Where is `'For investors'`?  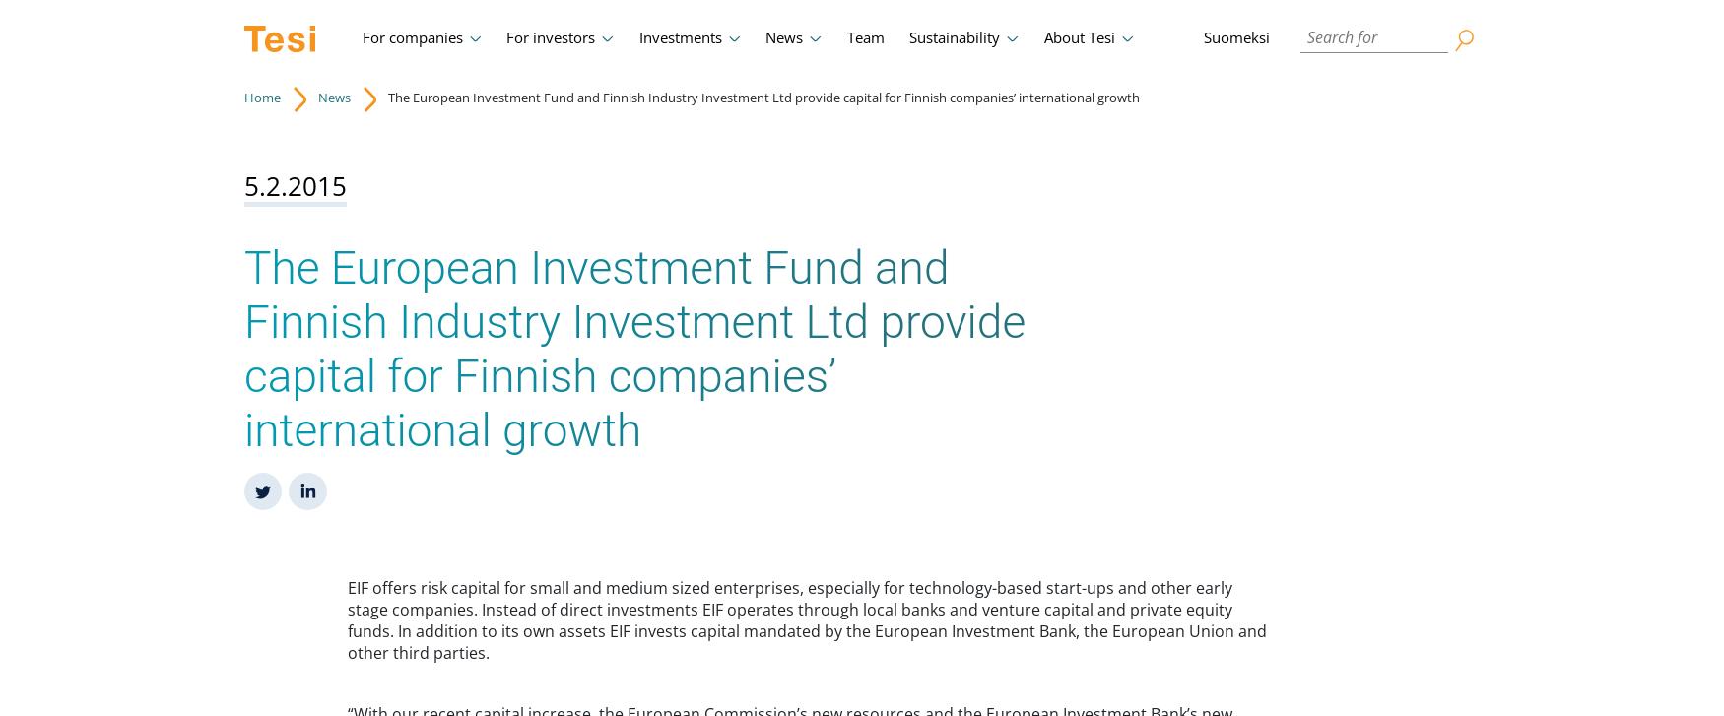 'For investors' is located at coordinates (549, 37).